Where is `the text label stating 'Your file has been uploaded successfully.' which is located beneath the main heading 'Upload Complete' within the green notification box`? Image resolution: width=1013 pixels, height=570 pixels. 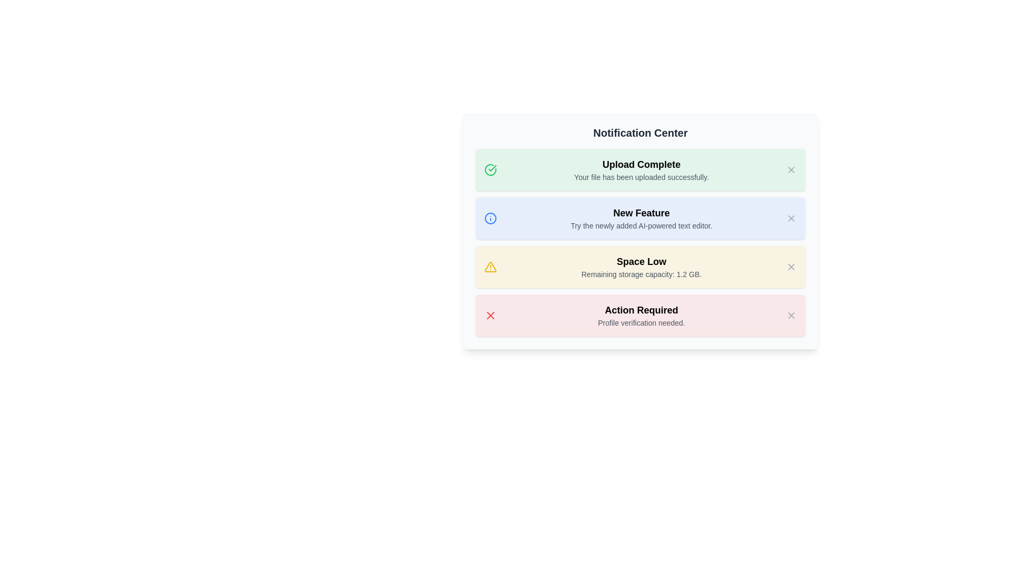 the text label stating 'Your file has been uploaded successfully.' which is located beneath the main heading 'Upload Complete' within the green notification box is located at coordinates (641, 176).